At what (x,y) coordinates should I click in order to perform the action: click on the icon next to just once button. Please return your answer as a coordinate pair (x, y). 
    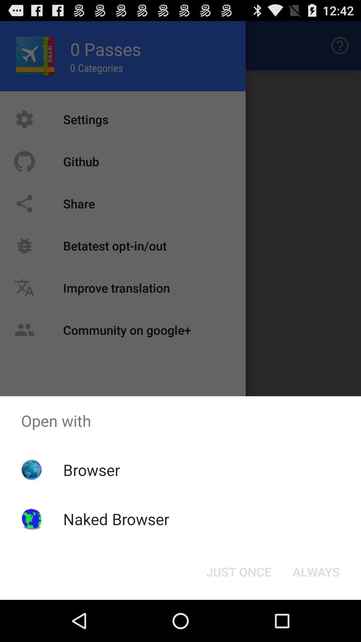
    Looking at the image, I should click on (316, 571).